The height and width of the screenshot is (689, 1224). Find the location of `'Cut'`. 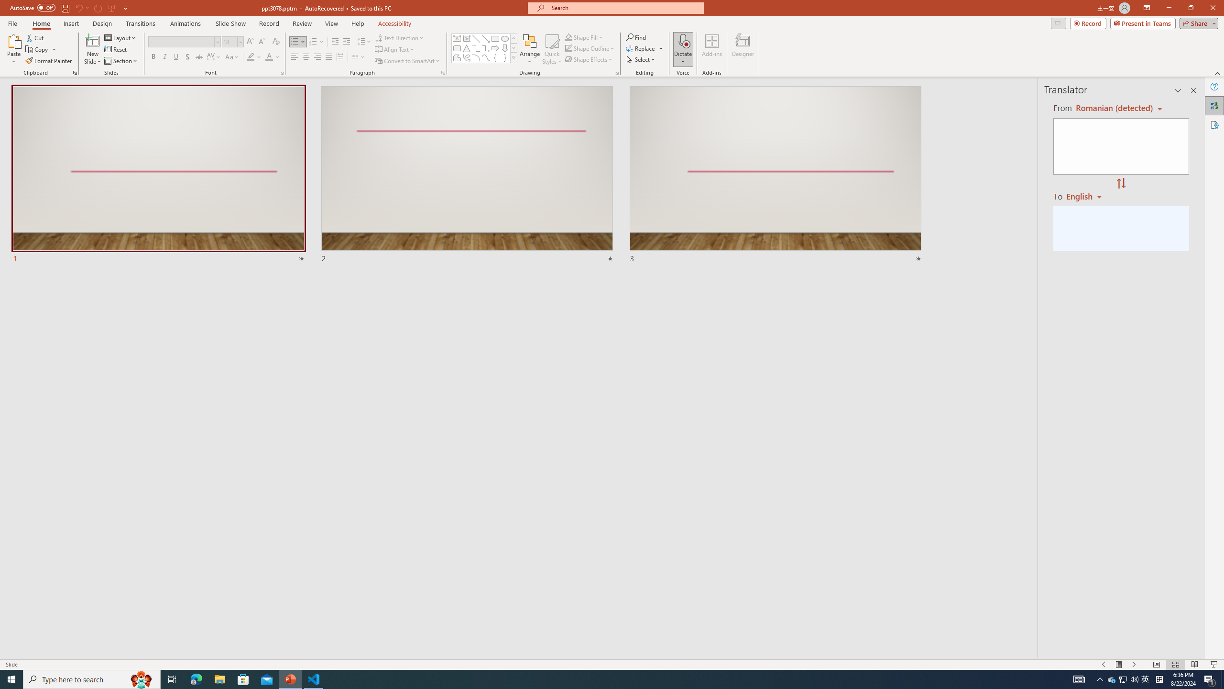

'Cut' is located at coordinates (35, 37).